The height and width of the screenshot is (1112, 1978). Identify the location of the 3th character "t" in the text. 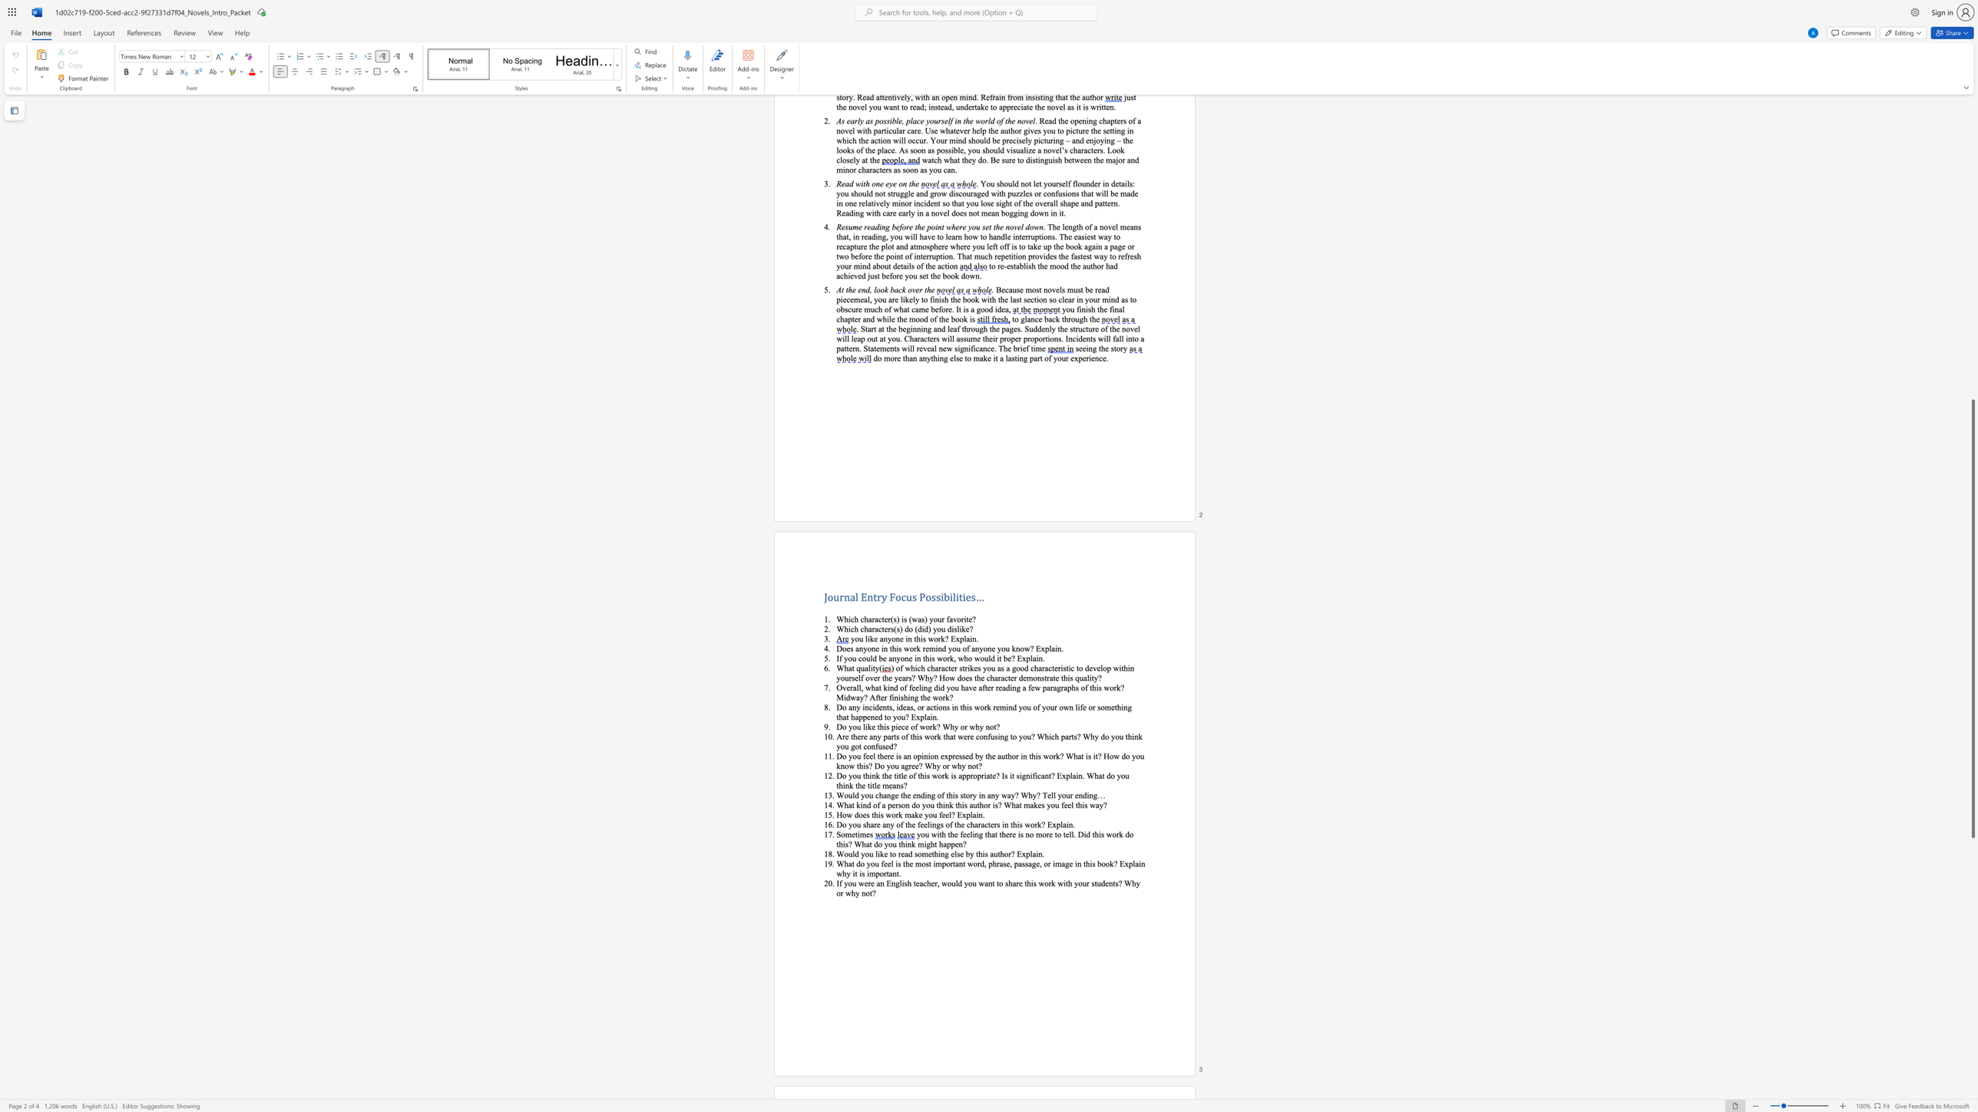
(963, 794).